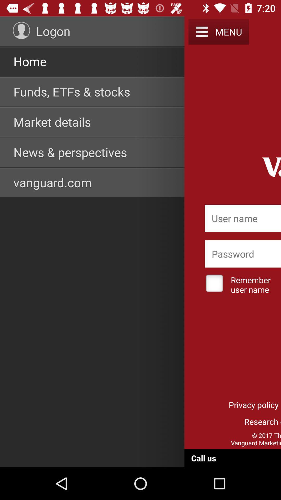 The image size is (281, 500). What do you see at coordinates (201, 32) in the screenshot?
I see `more options icon which is on the left side of menu` at bounding box center [201, 32].